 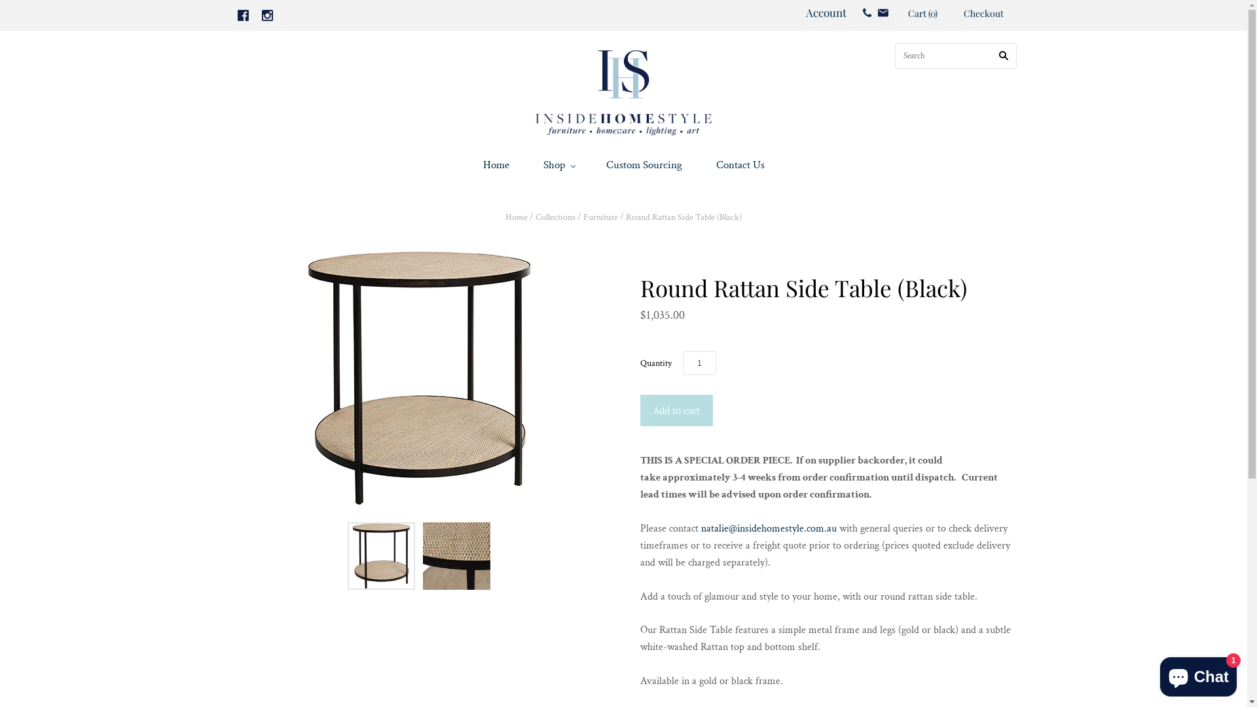 I want to click on 'Add to cart', so click(x=676, y=410).